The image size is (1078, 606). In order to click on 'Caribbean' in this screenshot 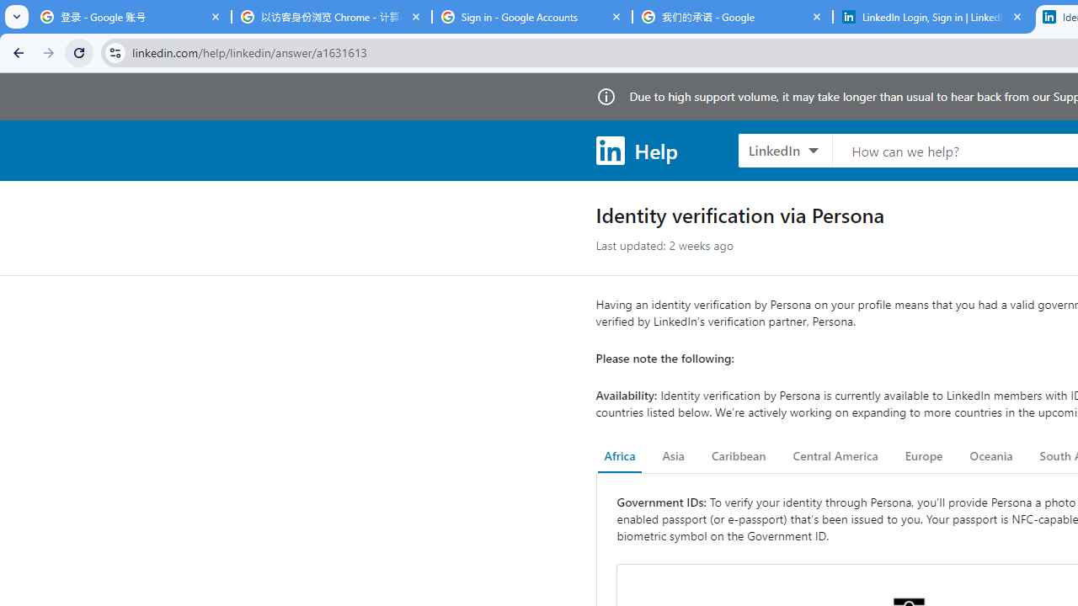, I will do `click(738, 456)`.